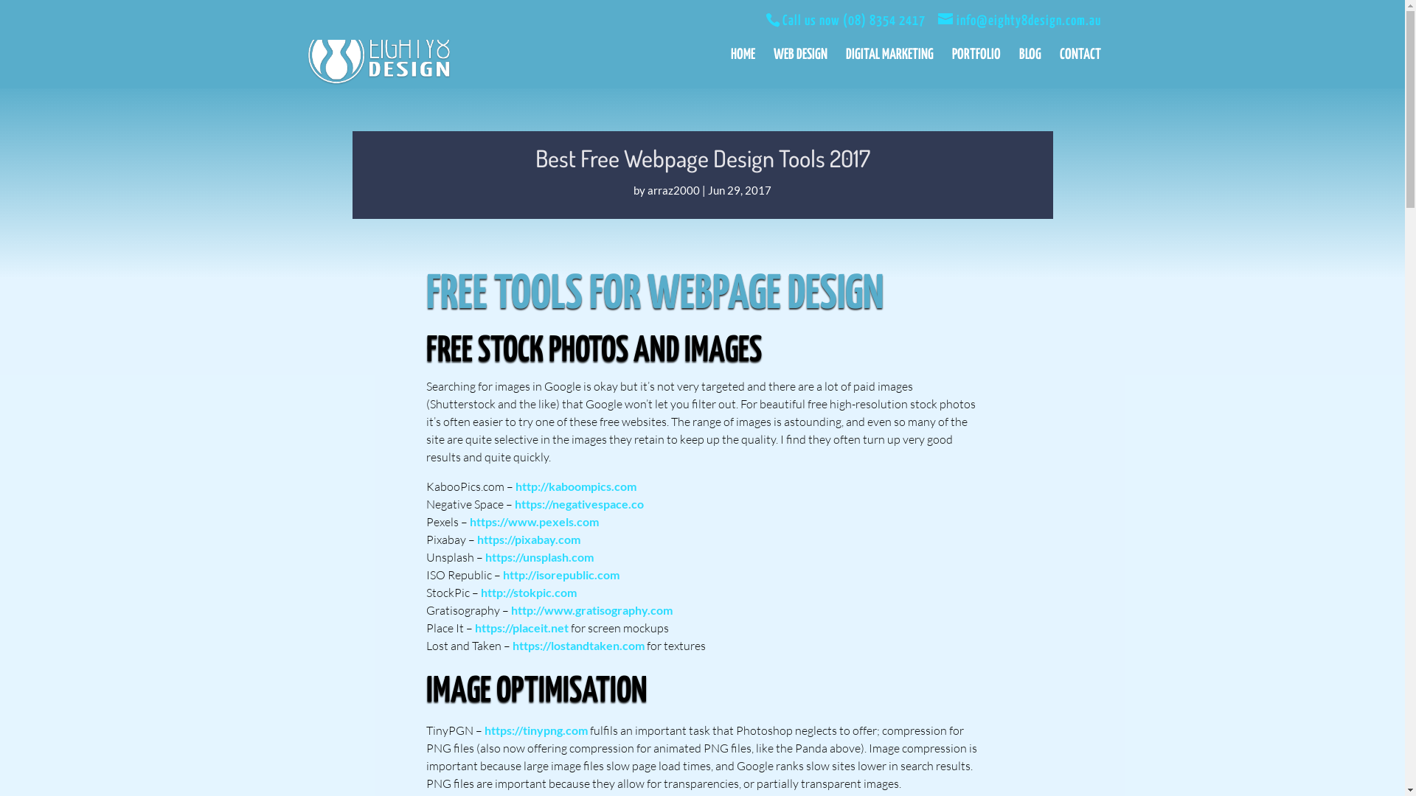  What do you see at coordinates (528, 591) in the screenshot?
I see `'http://stokpic.com'` at bounding box center [528, 591].